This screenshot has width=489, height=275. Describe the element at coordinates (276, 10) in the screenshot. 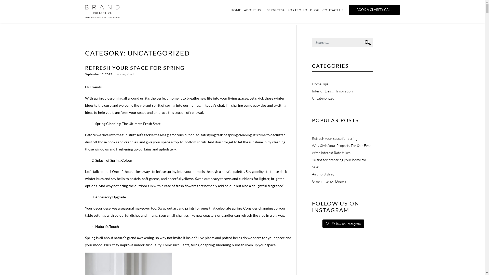

I see `'SERVICES'` at that location.